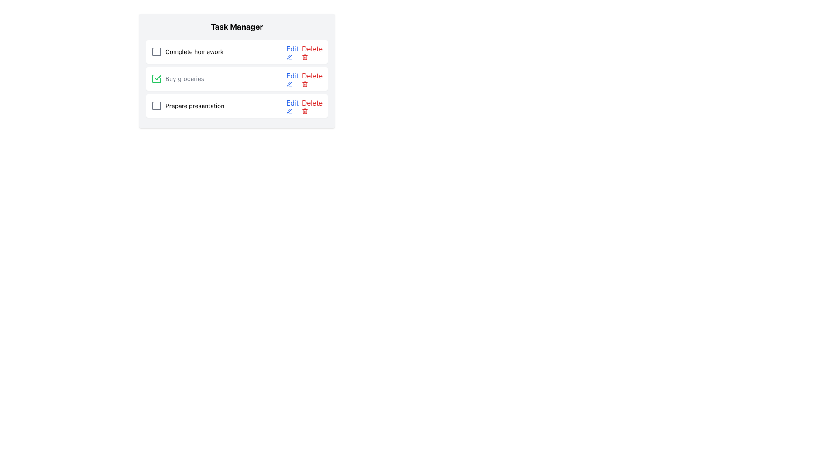 The height and width of the screenshot is (471, 838). Describe the element at coordinates (289, 110) in the screenshot. I see `the edit icon next to the 'Buy groceries' task` at that location.